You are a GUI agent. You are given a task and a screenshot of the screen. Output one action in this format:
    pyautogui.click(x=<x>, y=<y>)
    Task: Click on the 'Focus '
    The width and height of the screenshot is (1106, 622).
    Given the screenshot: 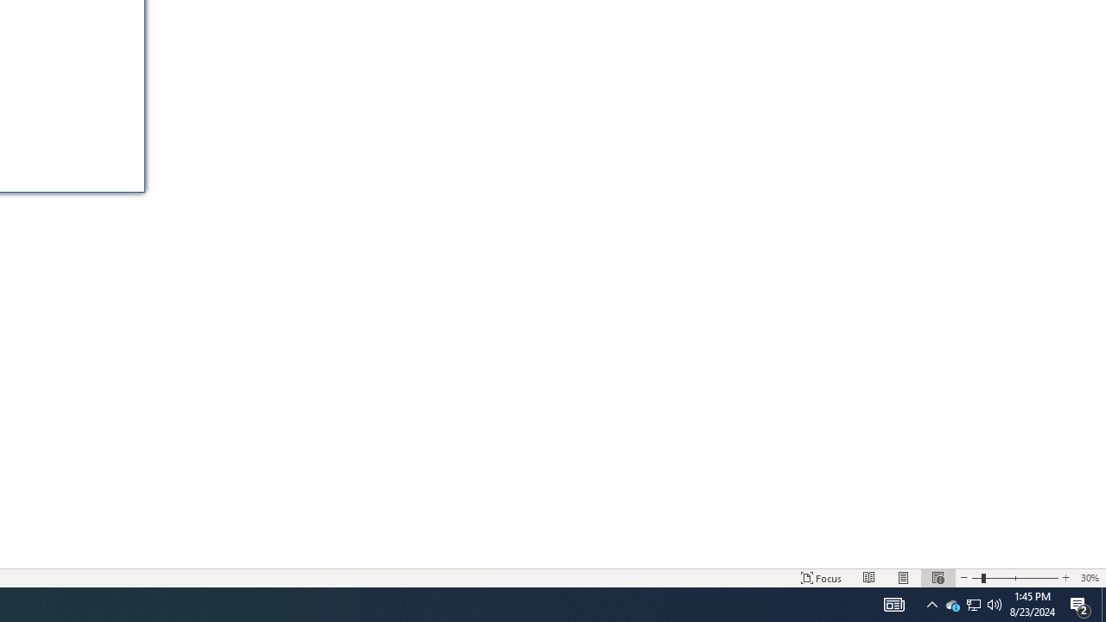 What is the action you would take?
    pyautogui.click(x=821, y=578)
    